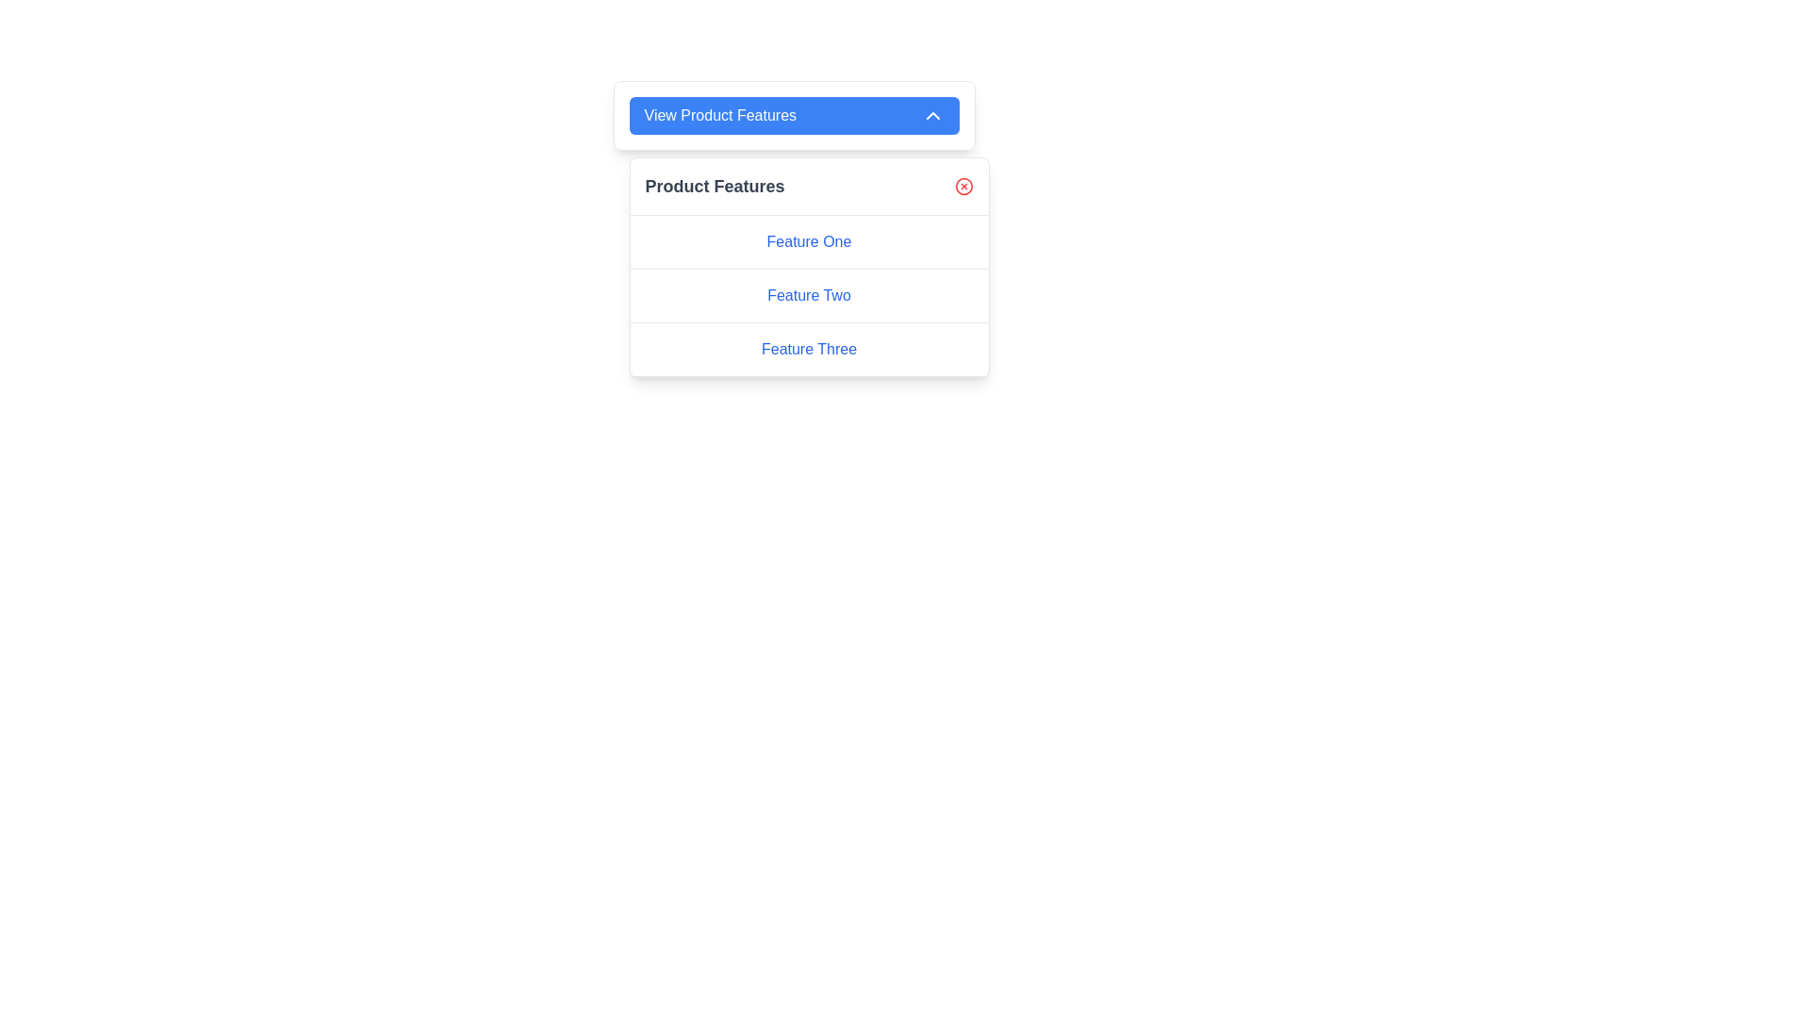 The image size is (1810, 1018). I want to click on the text label displaying 'Feature One' in bold blue font, located in the dropdown menu under 'Product Features', so click(809, 240).